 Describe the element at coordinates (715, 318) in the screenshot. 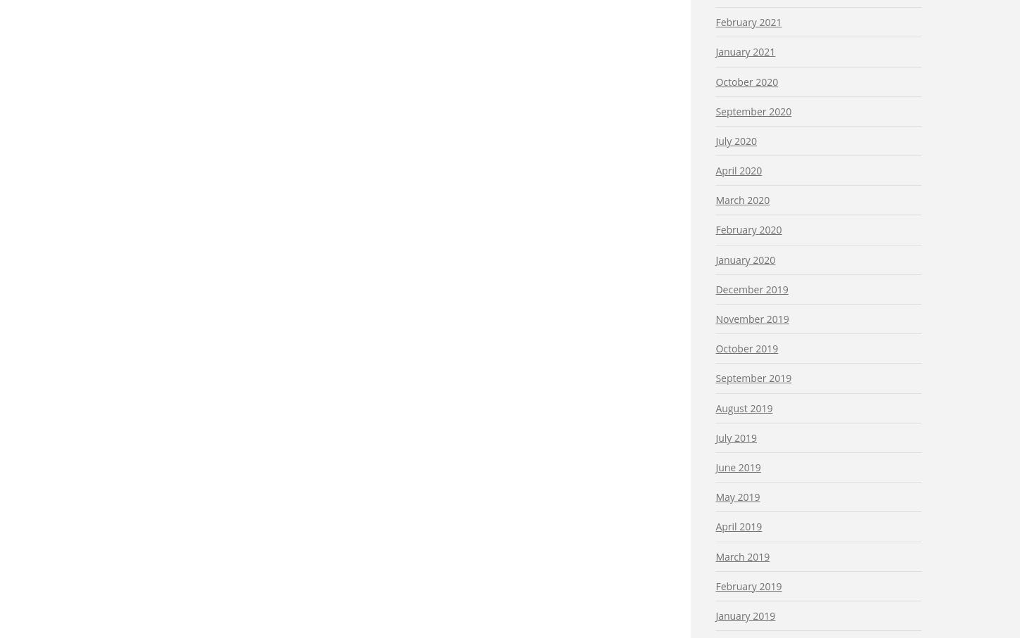

I see `'November 2019'` at that location.